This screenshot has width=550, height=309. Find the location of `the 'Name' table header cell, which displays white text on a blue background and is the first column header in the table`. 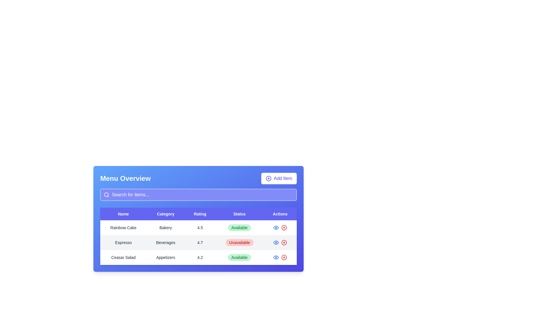

the 'Name' table header cell, which displays white text on a blue background and is the first column header in the table is located at coordinates (123, 214).